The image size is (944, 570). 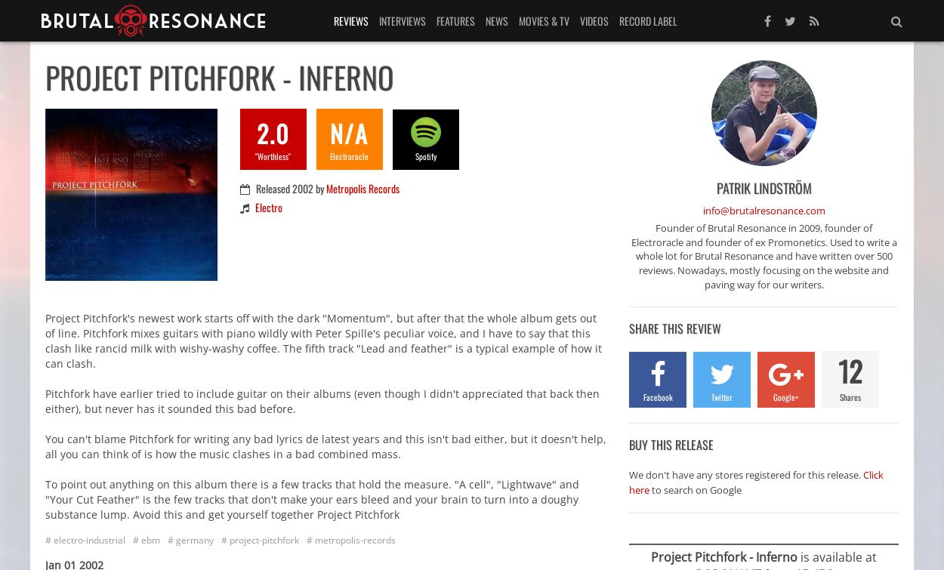 I want to click on '# project-pitchfork', so click(x=259, y=538).